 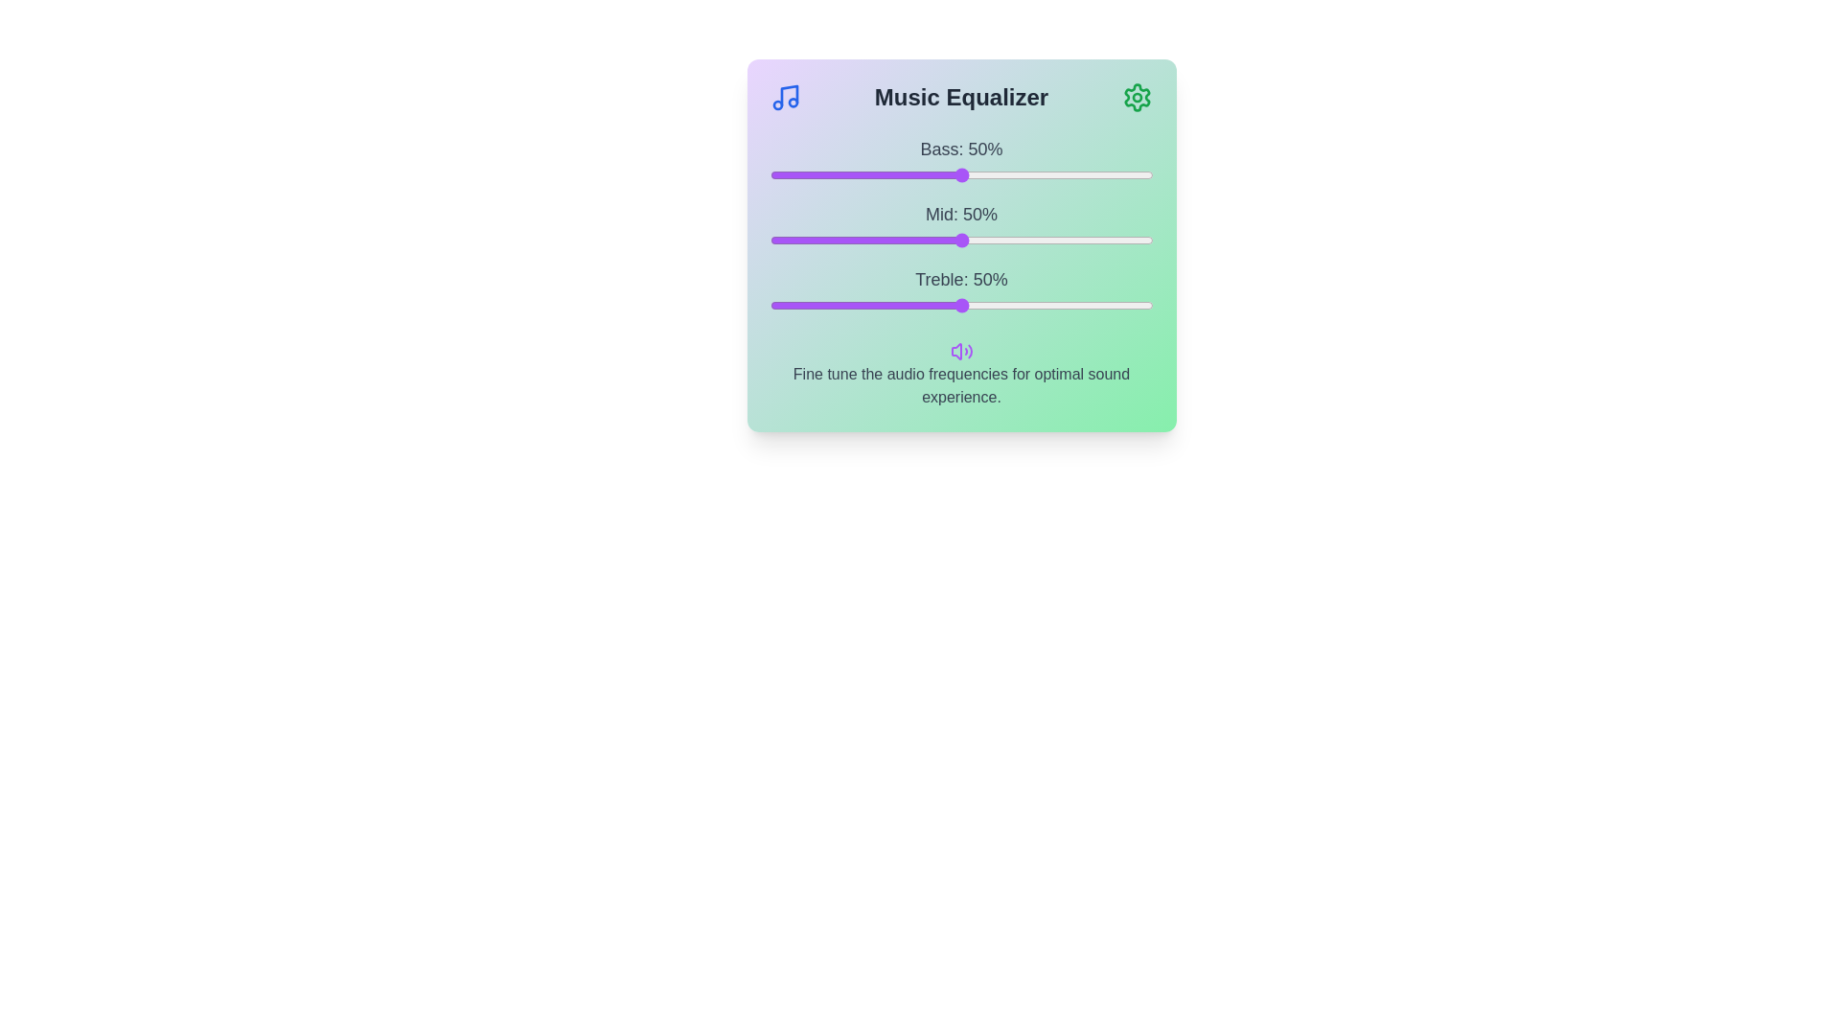 I want to click on the treble slider to 42%, so click(x=931, y=305).